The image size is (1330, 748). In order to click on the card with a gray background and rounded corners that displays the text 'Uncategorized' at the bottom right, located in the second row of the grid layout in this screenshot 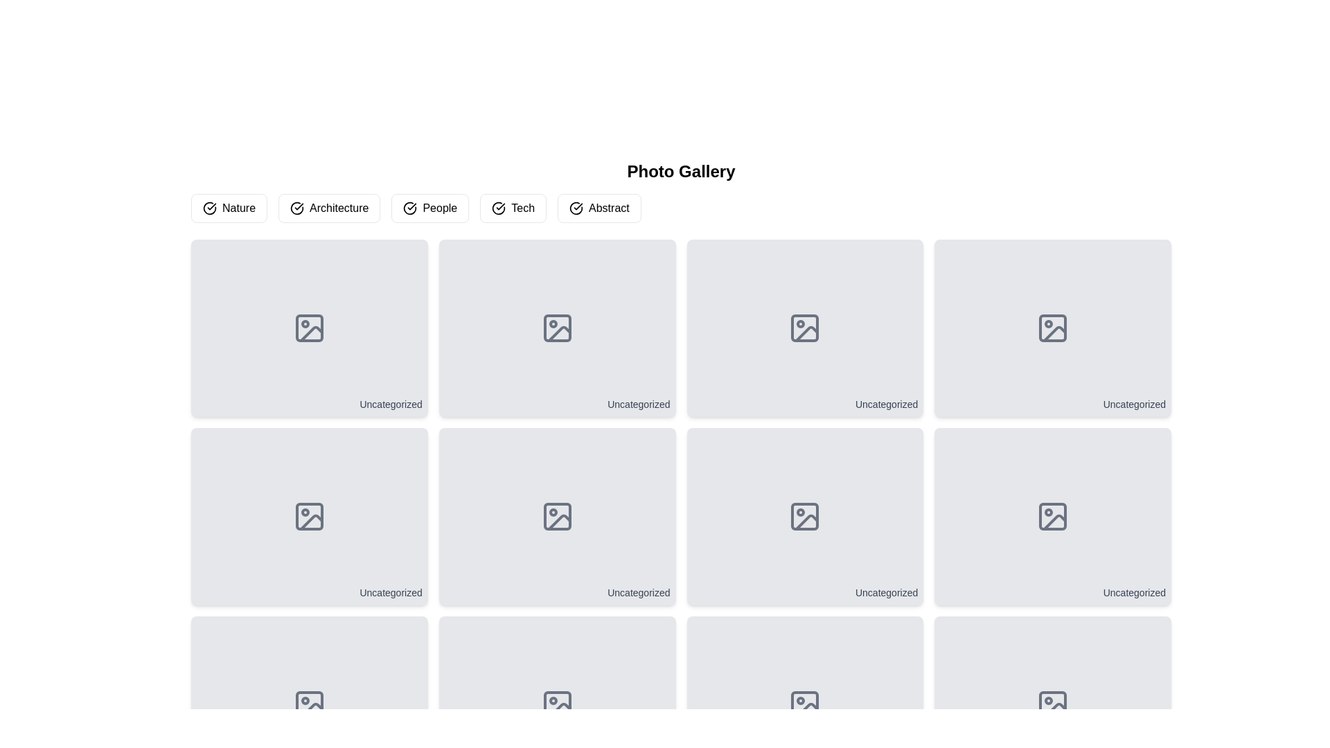, I will do `click(308, 516)`.